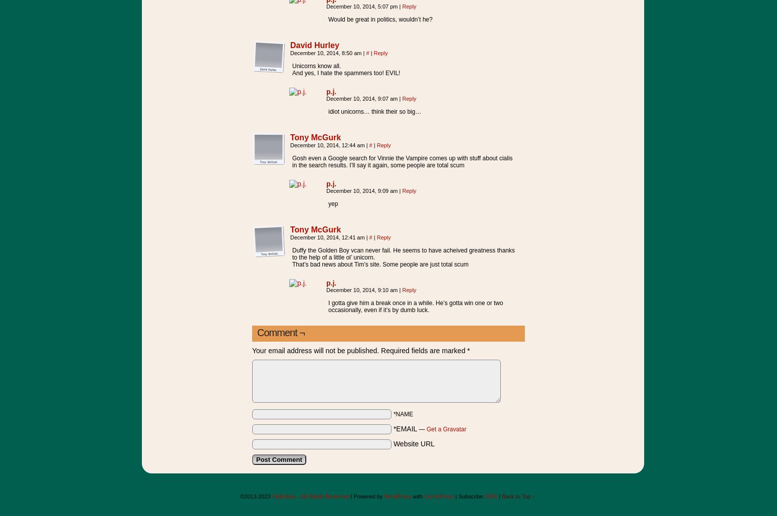  I want to click on 'December 10, 2014, 9:10 am', so click(362, 290).